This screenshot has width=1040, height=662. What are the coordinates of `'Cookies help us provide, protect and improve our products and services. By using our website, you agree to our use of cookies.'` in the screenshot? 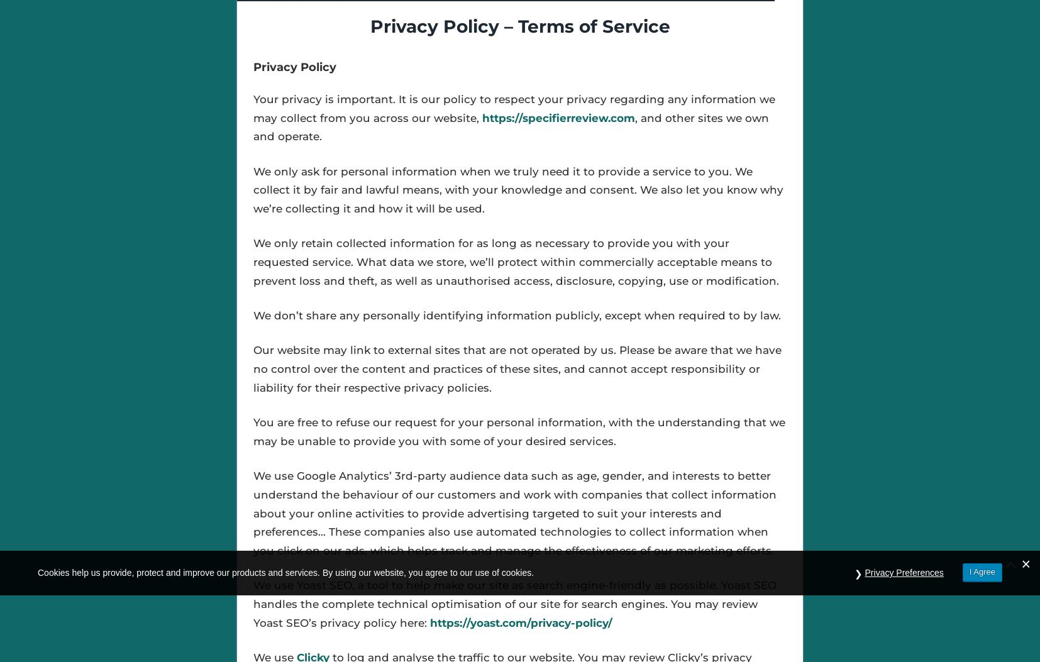 It's located at (37, 571).